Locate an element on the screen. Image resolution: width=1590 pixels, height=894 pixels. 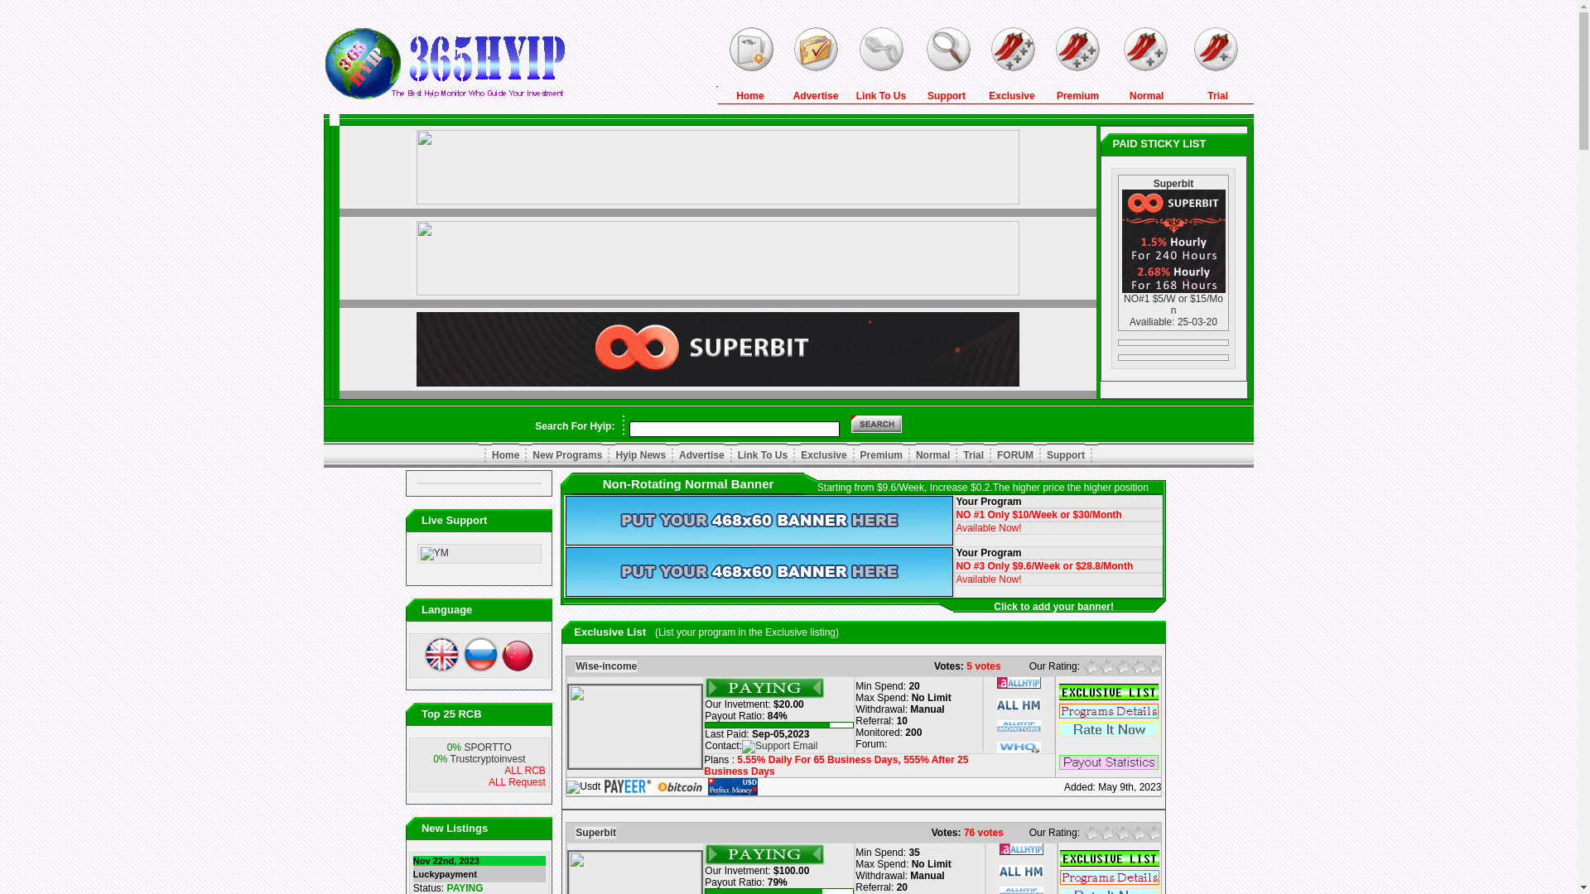
'ALL Request' is located at coordinates (488, 782).